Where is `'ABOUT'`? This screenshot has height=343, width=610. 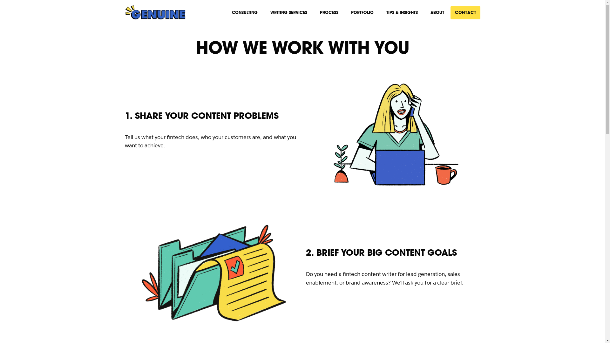 'ABOUT' is located at coordinates (437, 12).